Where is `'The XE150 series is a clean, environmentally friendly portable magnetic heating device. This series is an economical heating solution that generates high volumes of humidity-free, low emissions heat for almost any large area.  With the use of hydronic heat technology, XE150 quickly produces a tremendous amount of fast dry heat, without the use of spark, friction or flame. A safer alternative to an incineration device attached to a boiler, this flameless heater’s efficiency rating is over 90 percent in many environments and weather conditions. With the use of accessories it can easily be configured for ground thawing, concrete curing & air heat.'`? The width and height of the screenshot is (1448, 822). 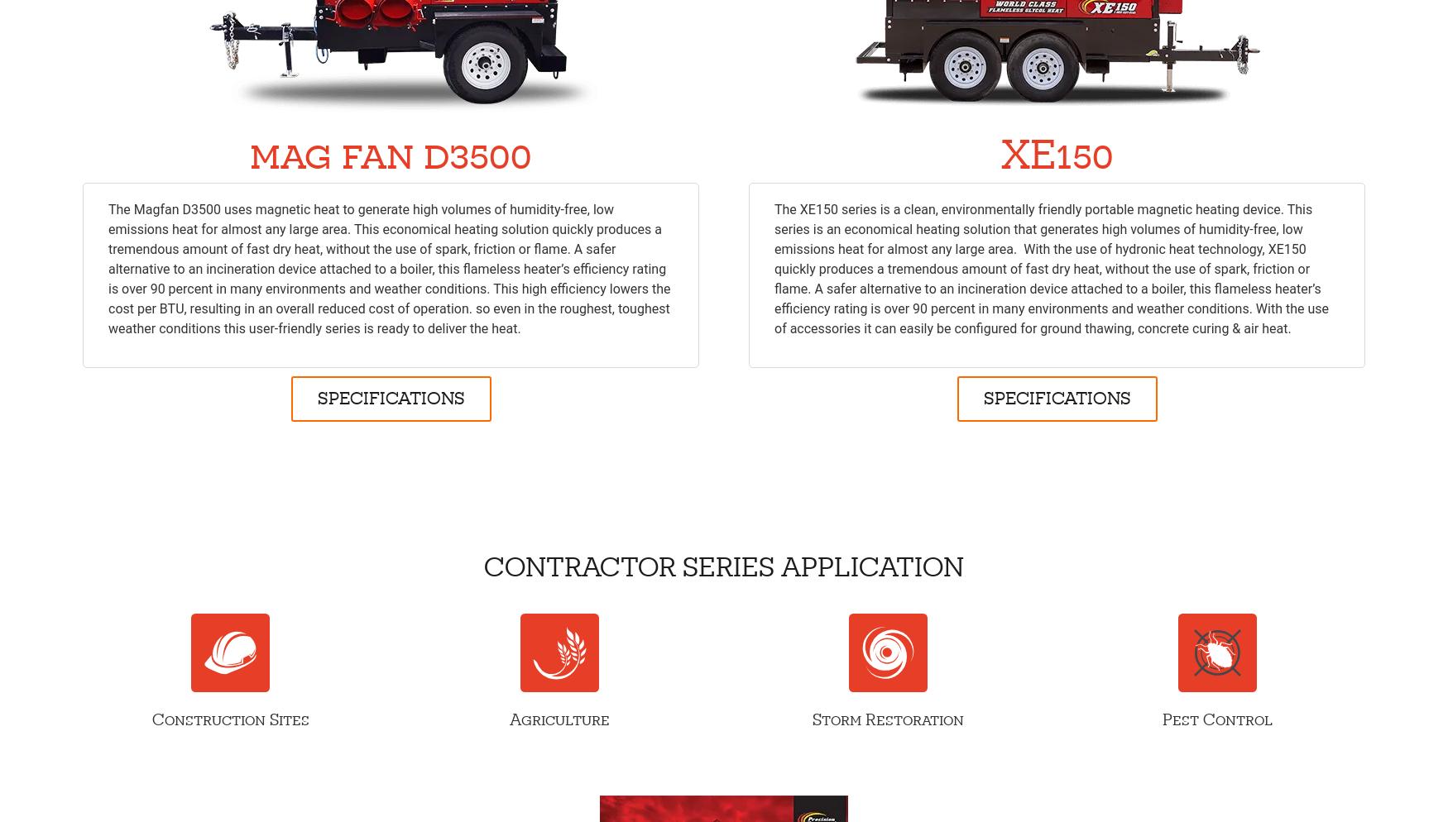
'The XE150 series is a clean, environmentally friendly portable magnetic heating device. This series is an economical heating solution that generates high volumes of humidity-free, low emissions heat for almost any large area.  With the use of hydronic heat technology, XE150 quickly produces a tremendous amount of fast dry heat, without the use of spark, friction or flame. A safer alternative to an incineration device attached to a boiler, this flameless heater’s efficiency rating is over 90 percent in many environments and weather conditions. With the use of accessories it can easily be configured for ground thawing, concrete curing & air heat.' is located at coordinates (774, 268).